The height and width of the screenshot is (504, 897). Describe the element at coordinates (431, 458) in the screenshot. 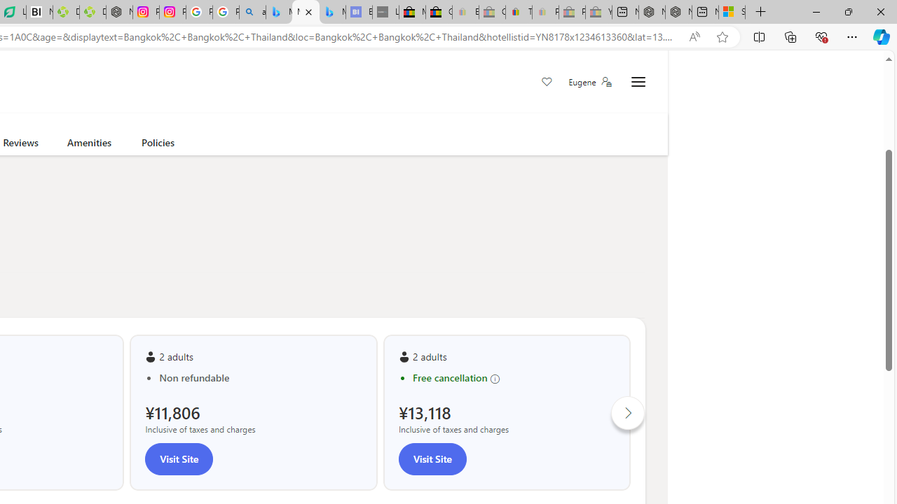

I see `'Visit Site'` at that location.